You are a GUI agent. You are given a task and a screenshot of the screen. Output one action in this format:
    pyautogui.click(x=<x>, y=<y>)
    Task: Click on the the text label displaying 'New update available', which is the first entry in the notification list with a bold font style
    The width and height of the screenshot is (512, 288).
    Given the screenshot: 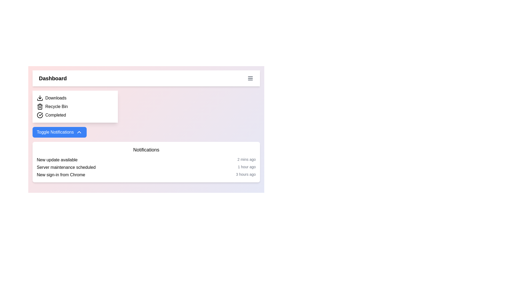 What is the action you would take?
    pyautogui.click(x=57, y=160)
    